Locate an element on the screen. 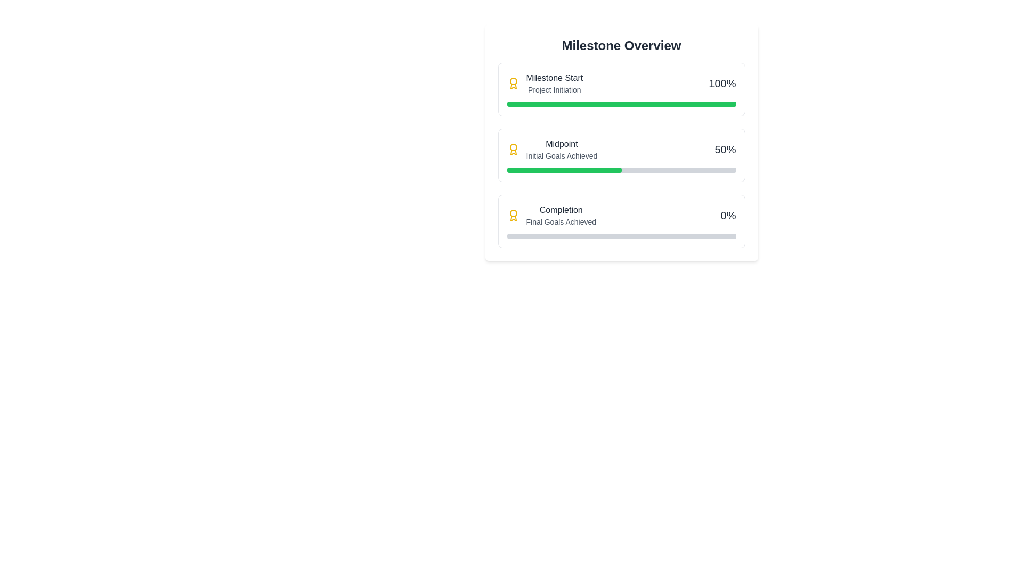 The image size is (1023, 575). the Information display block that shows the progress achieved at the midpoint milestone of a task or project for more details is located at coordinates (621, 150).